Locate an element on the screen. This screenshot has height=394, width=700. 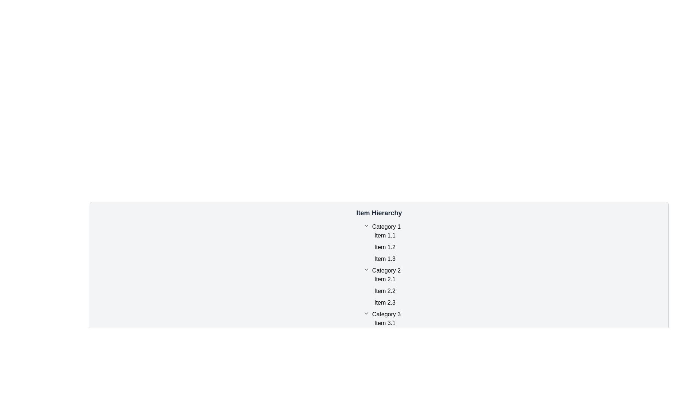
the static text label displaying 'Category 3', which is the header of the third category group under 'Item Hierarchy' is located at coordinates (386, 314).